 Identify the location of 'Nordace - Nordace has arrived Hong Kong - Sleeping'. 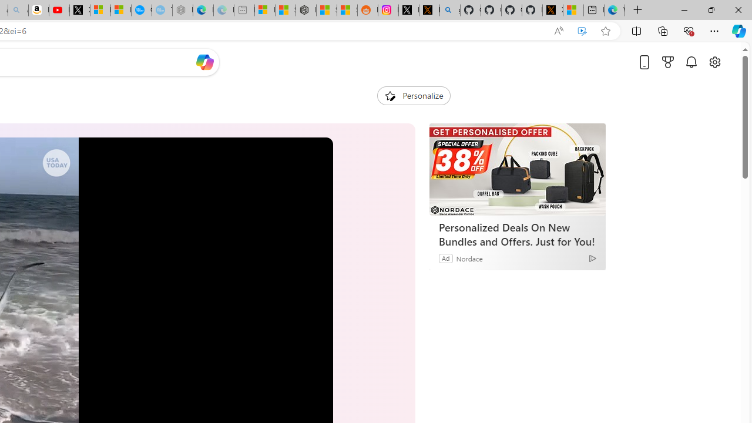
(182, 10).